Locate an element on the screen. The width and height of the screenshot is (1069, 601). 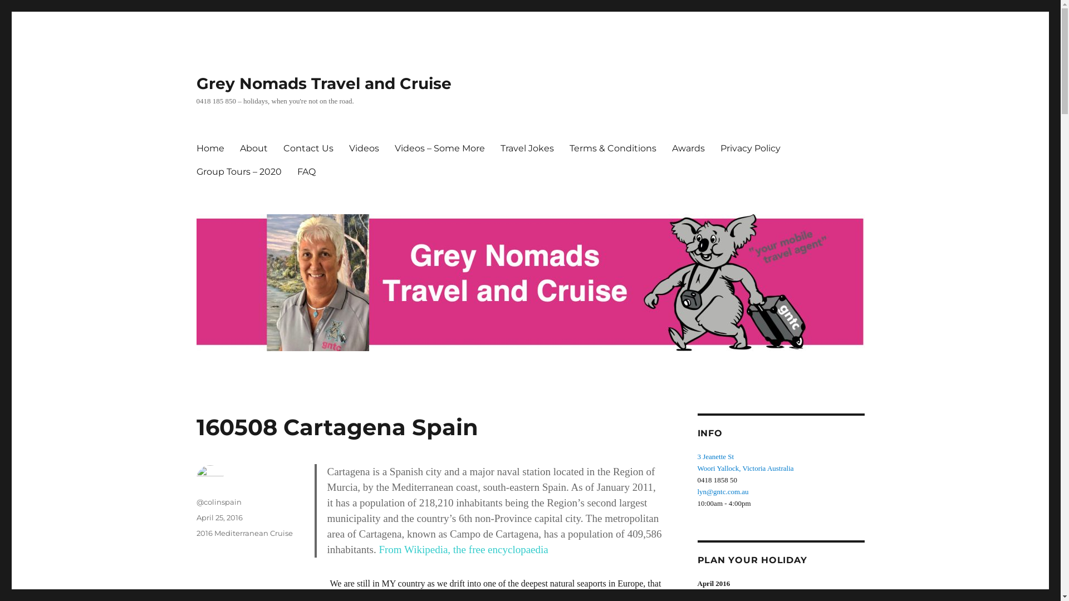
'@colinspain' is located at coordinates (195, 502).